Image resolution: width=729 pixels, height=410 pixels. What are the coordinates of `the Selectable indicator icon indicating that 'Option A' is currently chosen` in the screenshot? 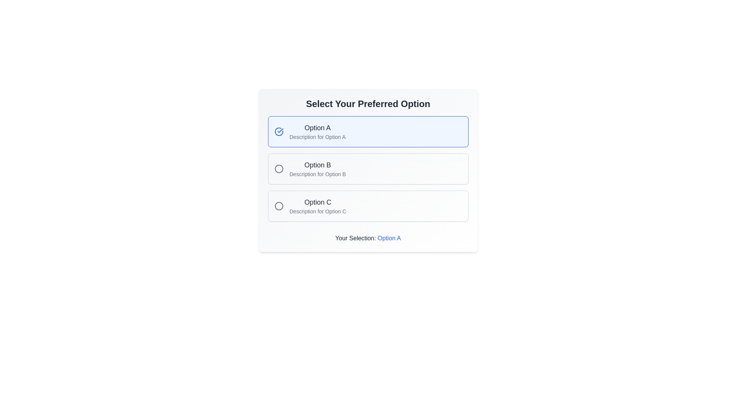 It's located at (278, 131).